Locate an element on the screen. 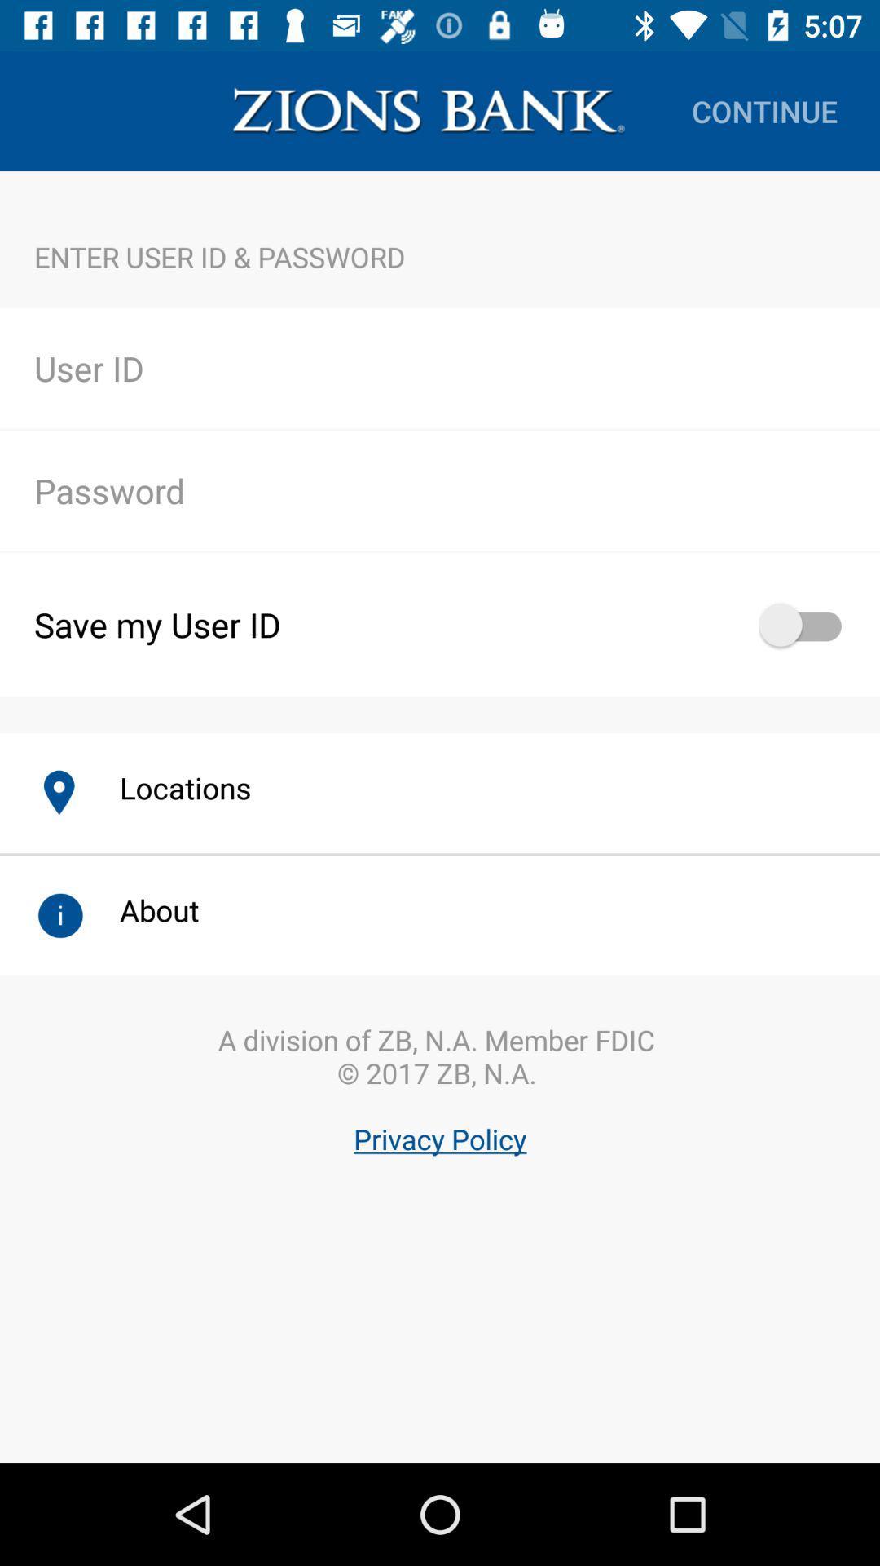 Image resolution: width=880 pixels, height=1566 pixels. item above enter user id item is located at coordinates (764, 110).